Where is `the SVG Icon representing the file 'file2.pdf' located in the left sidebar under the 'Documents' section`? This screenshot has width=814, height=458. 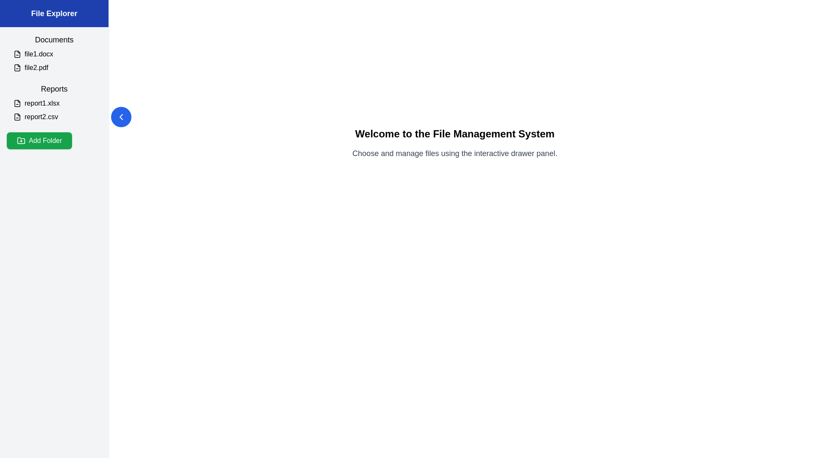 the SVG Icon representing the file 'file2.pdf' located in the left sidebar under the 'Documents' section is located at coordinates (17, 67).